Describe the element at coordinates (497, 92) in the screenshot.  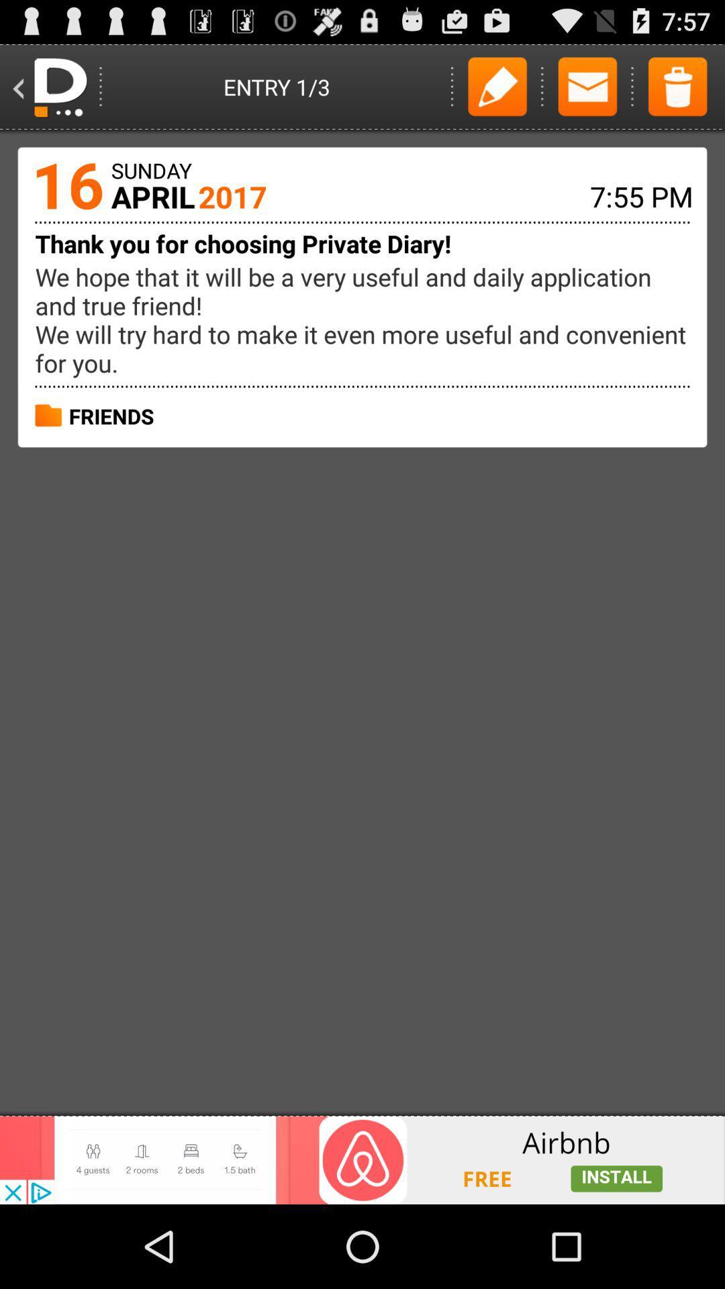
I see `the edit icon` at that location.